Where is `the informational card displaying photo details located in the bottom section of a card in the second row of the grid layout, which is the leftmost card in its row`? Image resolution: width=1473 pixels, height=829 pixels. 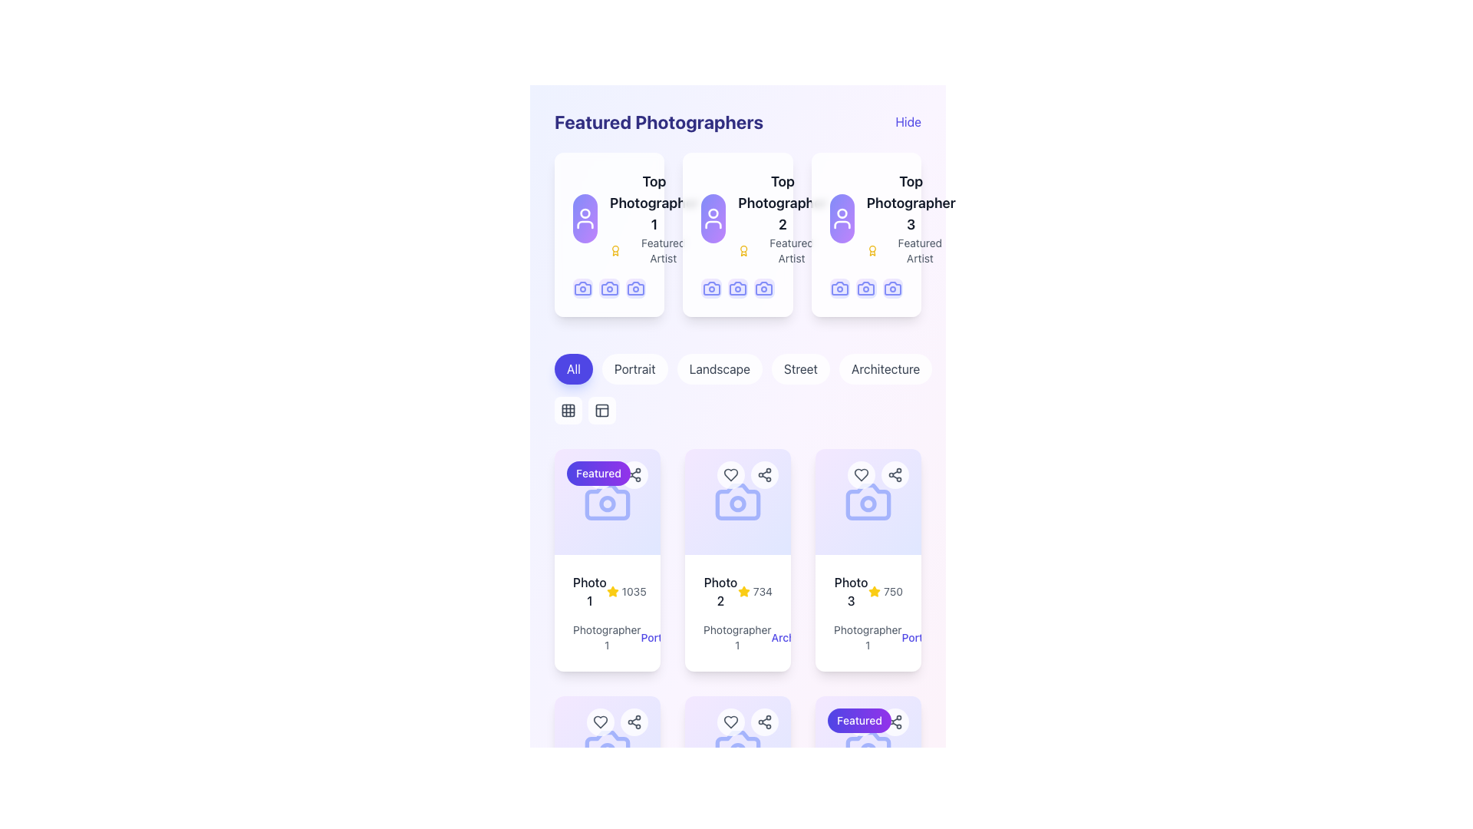 the informational card displaying photo details located in the bottom section of a card in the second row of the grid layout, which is the leftmost card in its row is located at coordinates (607, 612).